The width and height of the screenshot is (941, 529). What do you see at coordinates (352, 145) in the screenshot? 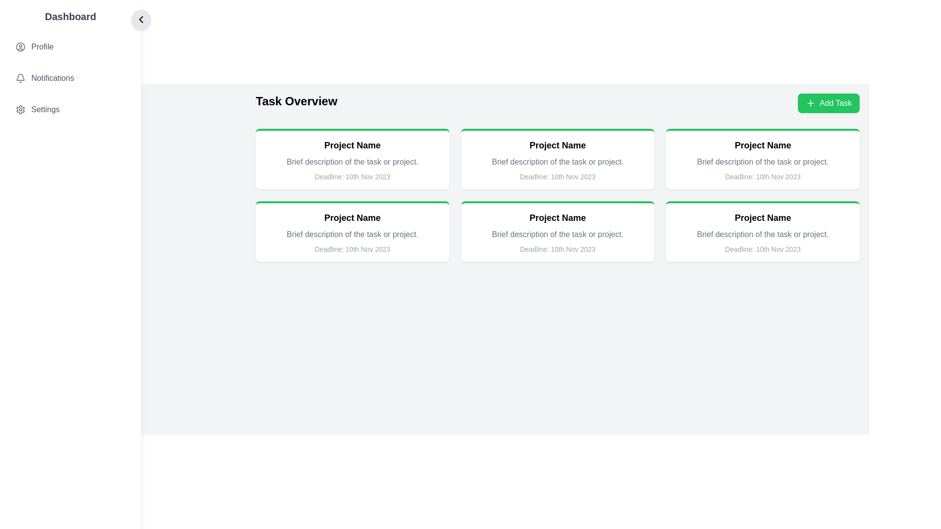
I see `text content of the Heading element located at the top-left corner of the card in the 'Task Overview' section, which serves as a title or heading for the project or task` at bounding box center [352, 145].